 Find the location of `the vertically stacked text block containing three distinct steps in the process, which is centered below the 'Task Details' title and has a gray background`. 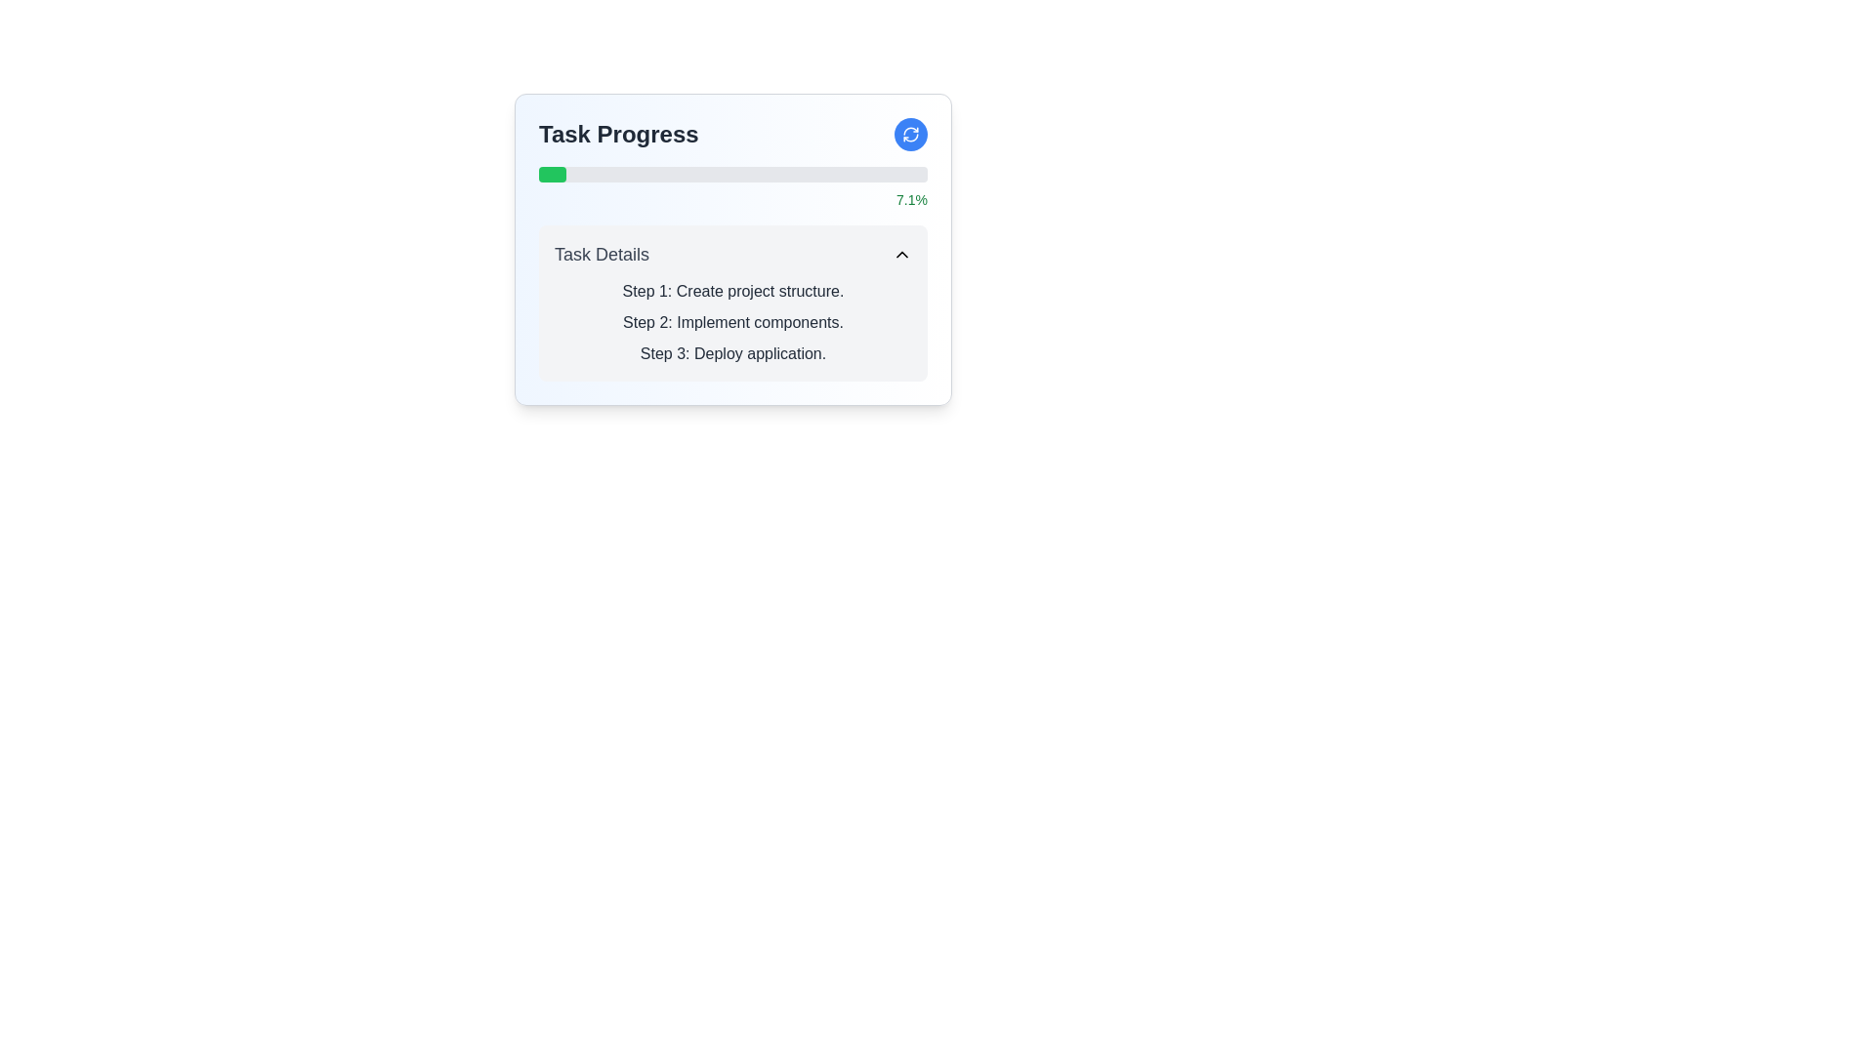

the vertically stacked text block containing three distinct steps in the process, which is centered below the 'Task Details' title and has a gray background is located at coordinates (731, 322).